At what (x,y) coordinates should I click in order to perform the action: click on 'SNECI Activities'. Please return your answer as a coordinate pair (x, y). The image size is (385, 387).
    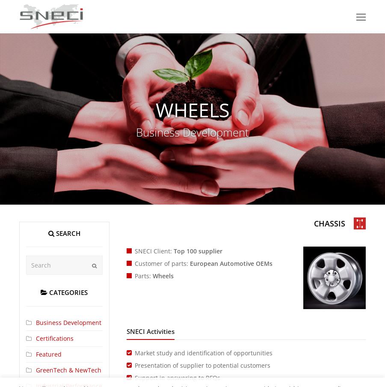
    Looking at the image, I should click on (150, 331).